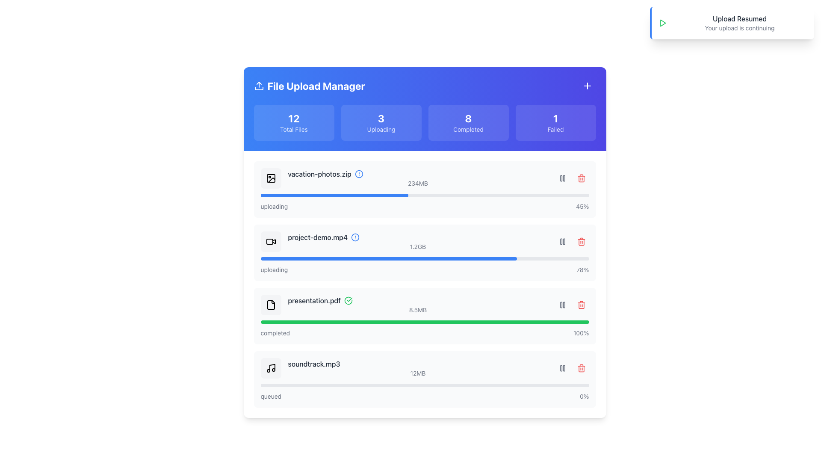 Image resolution: width=821 pixels, height=462 pixels. What do you see at coordinates (662, 23) in the screenshot?
I see `the play button, which is represented as a green triangular SVG icon located near the top-right of the dialog box` at bounding box center [662, 23].